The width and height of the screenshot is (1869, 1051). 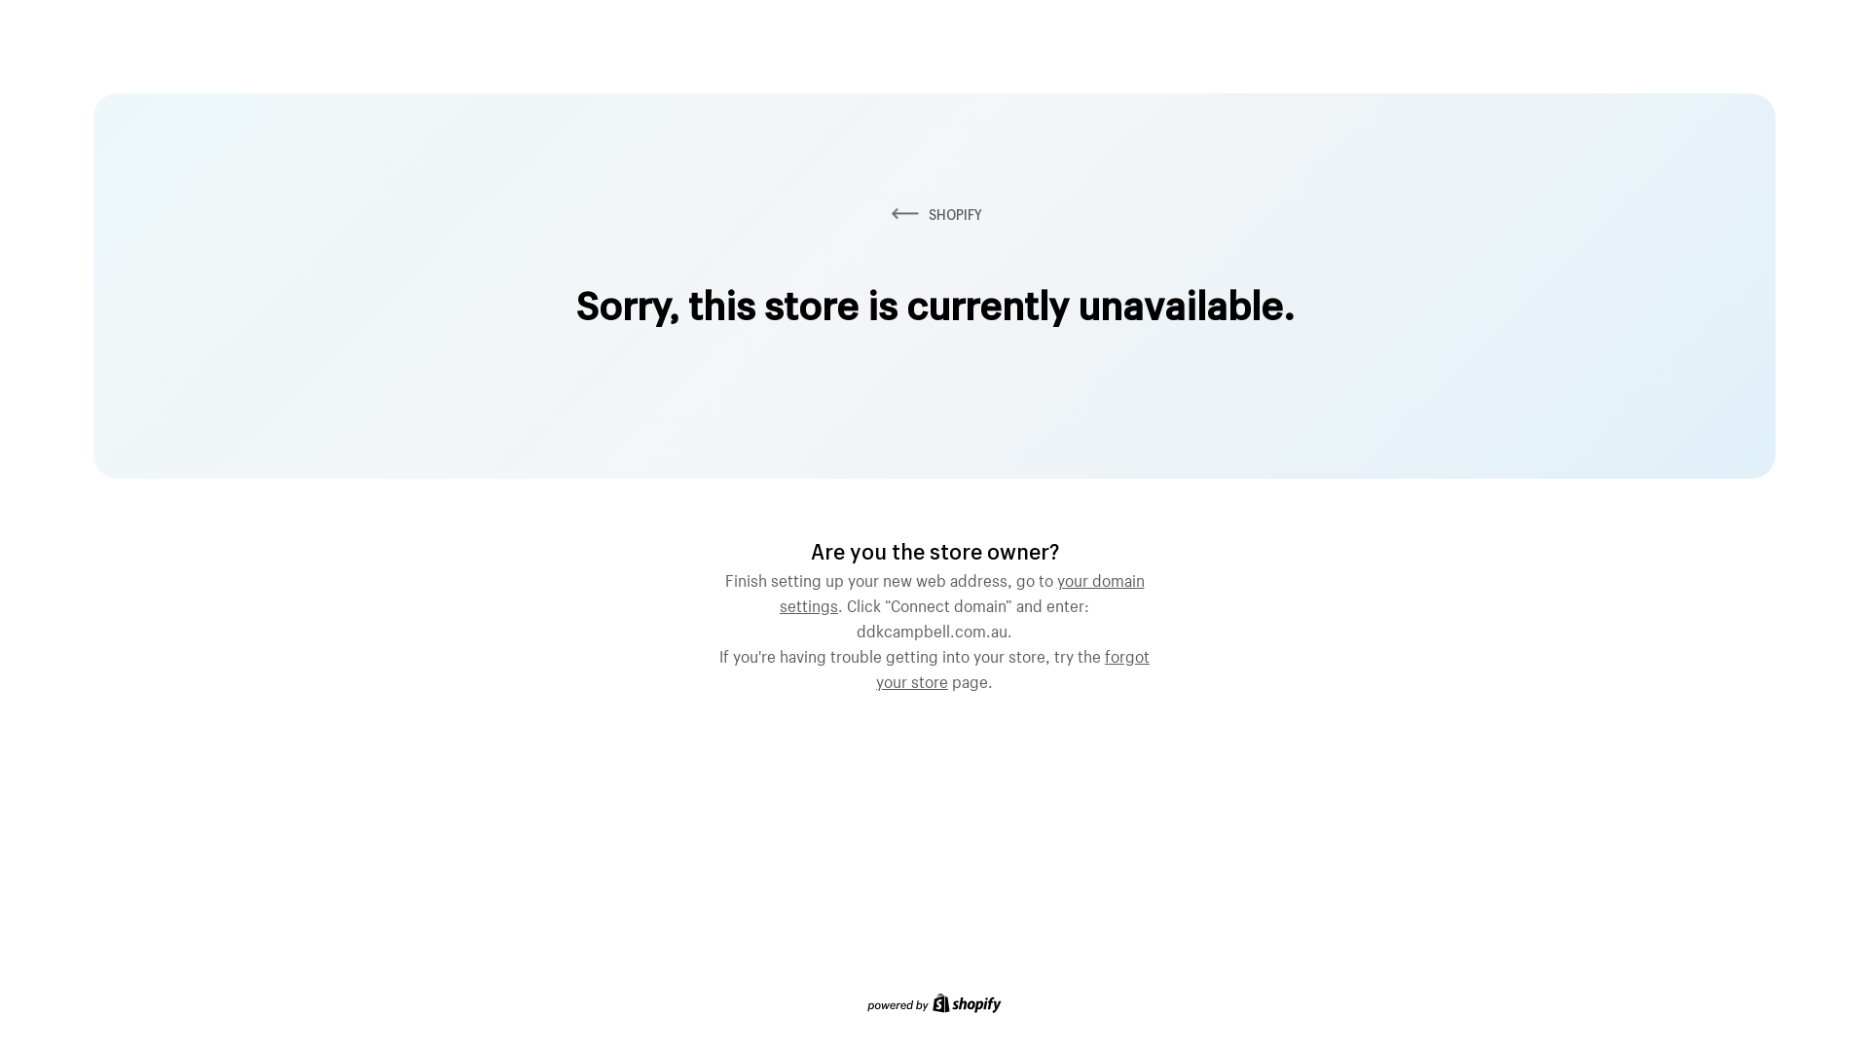 What do you see at coordinates (1012, 666) in the screenshot?
I see `'forgot your store'` at bounding box center [1012, 666].